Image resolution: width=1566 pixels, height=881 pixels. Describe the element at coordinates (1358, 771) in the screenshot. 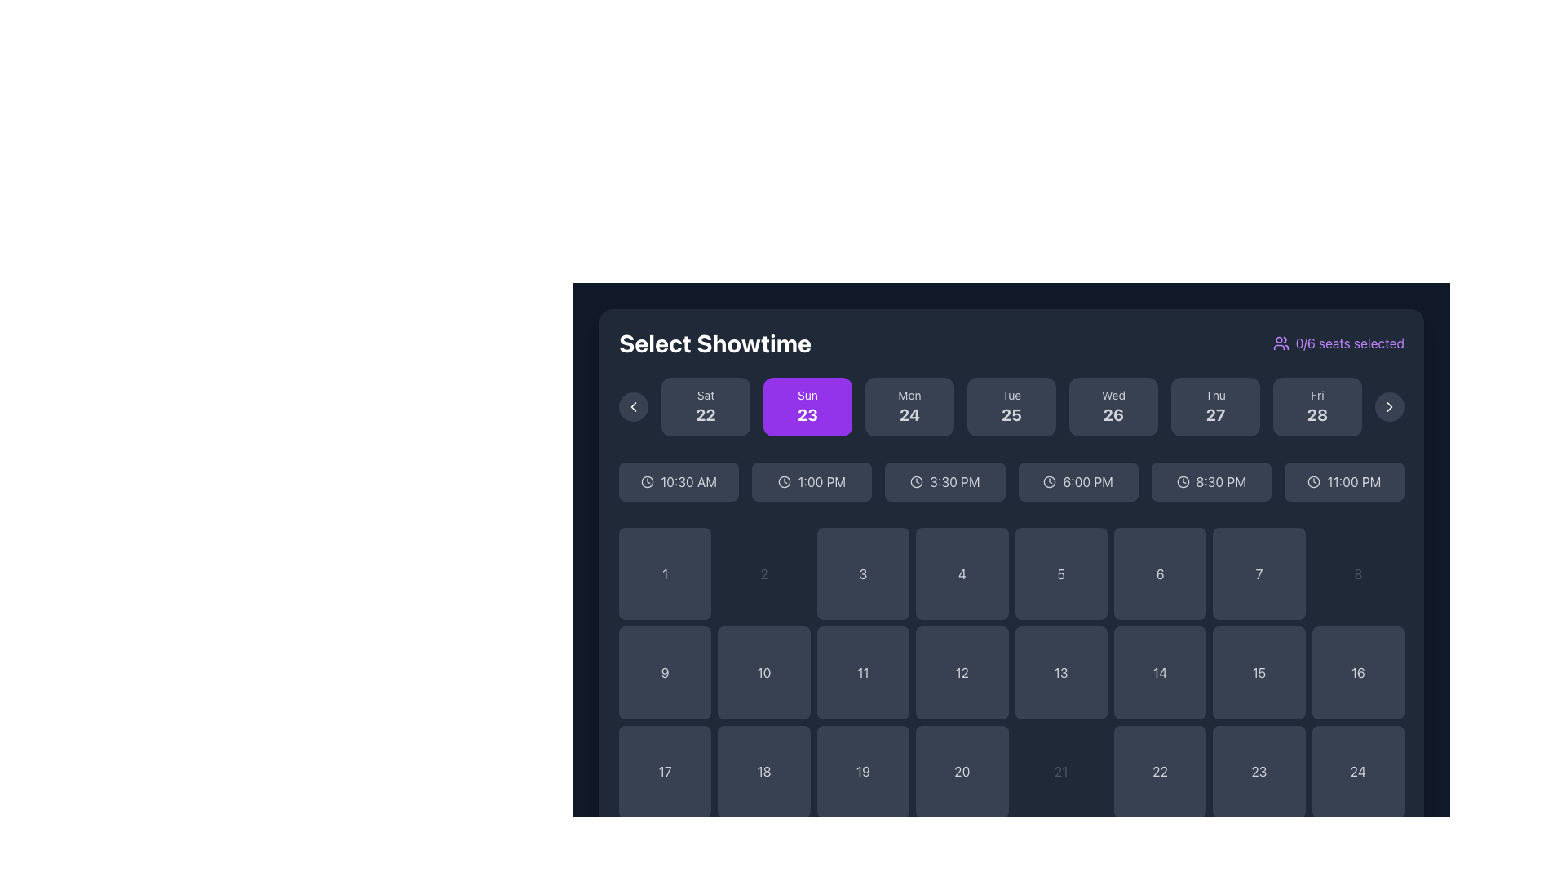

I see `the button that allows the user` at that location.